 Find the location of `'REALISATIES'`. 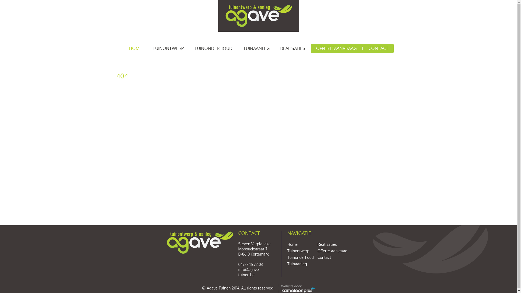

'REALISATIES' is located at coordinates (292, 48).